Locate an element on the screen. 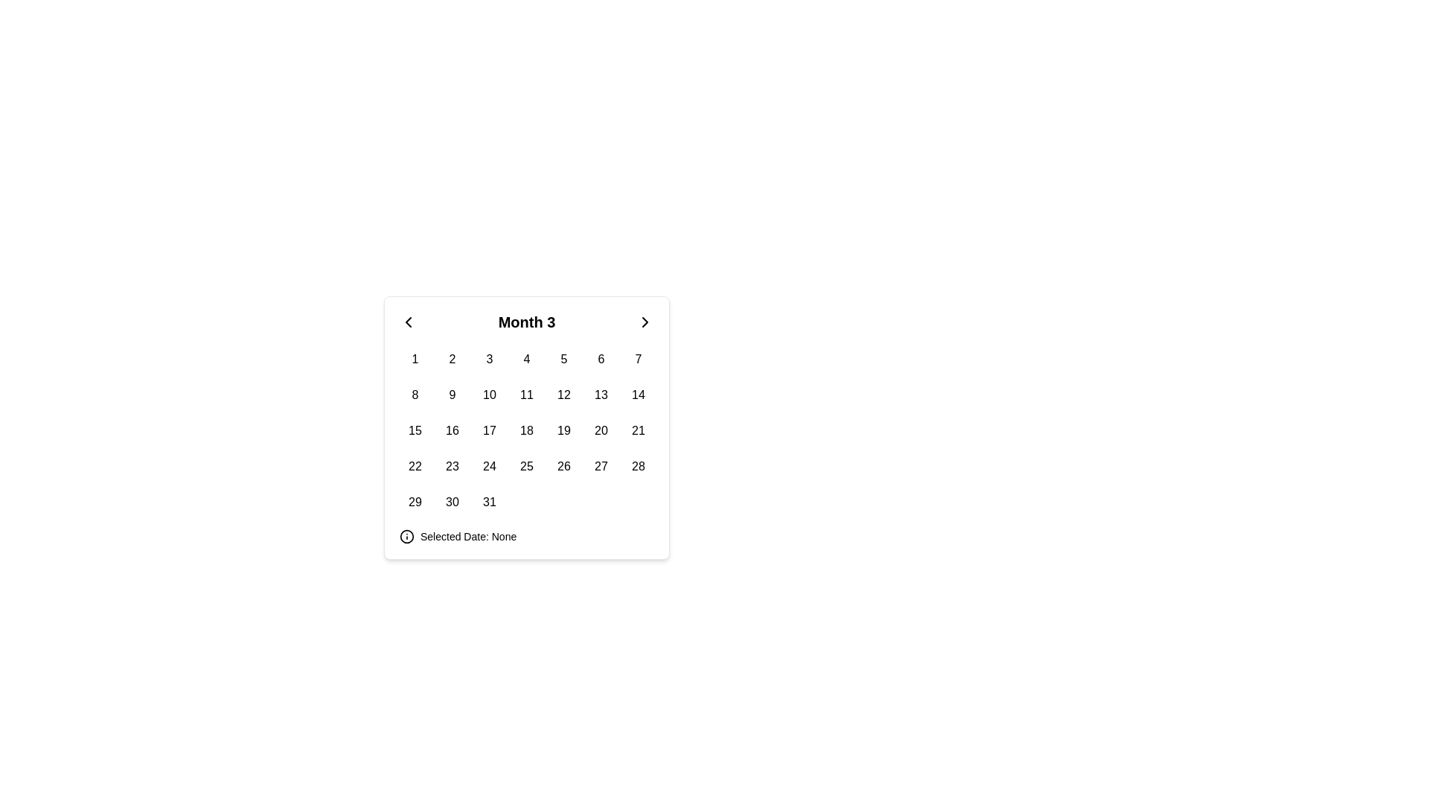  the day cell representing the 22nd day in the calendar grid located in the fourth row and first column is located at coordinates (415, 466).